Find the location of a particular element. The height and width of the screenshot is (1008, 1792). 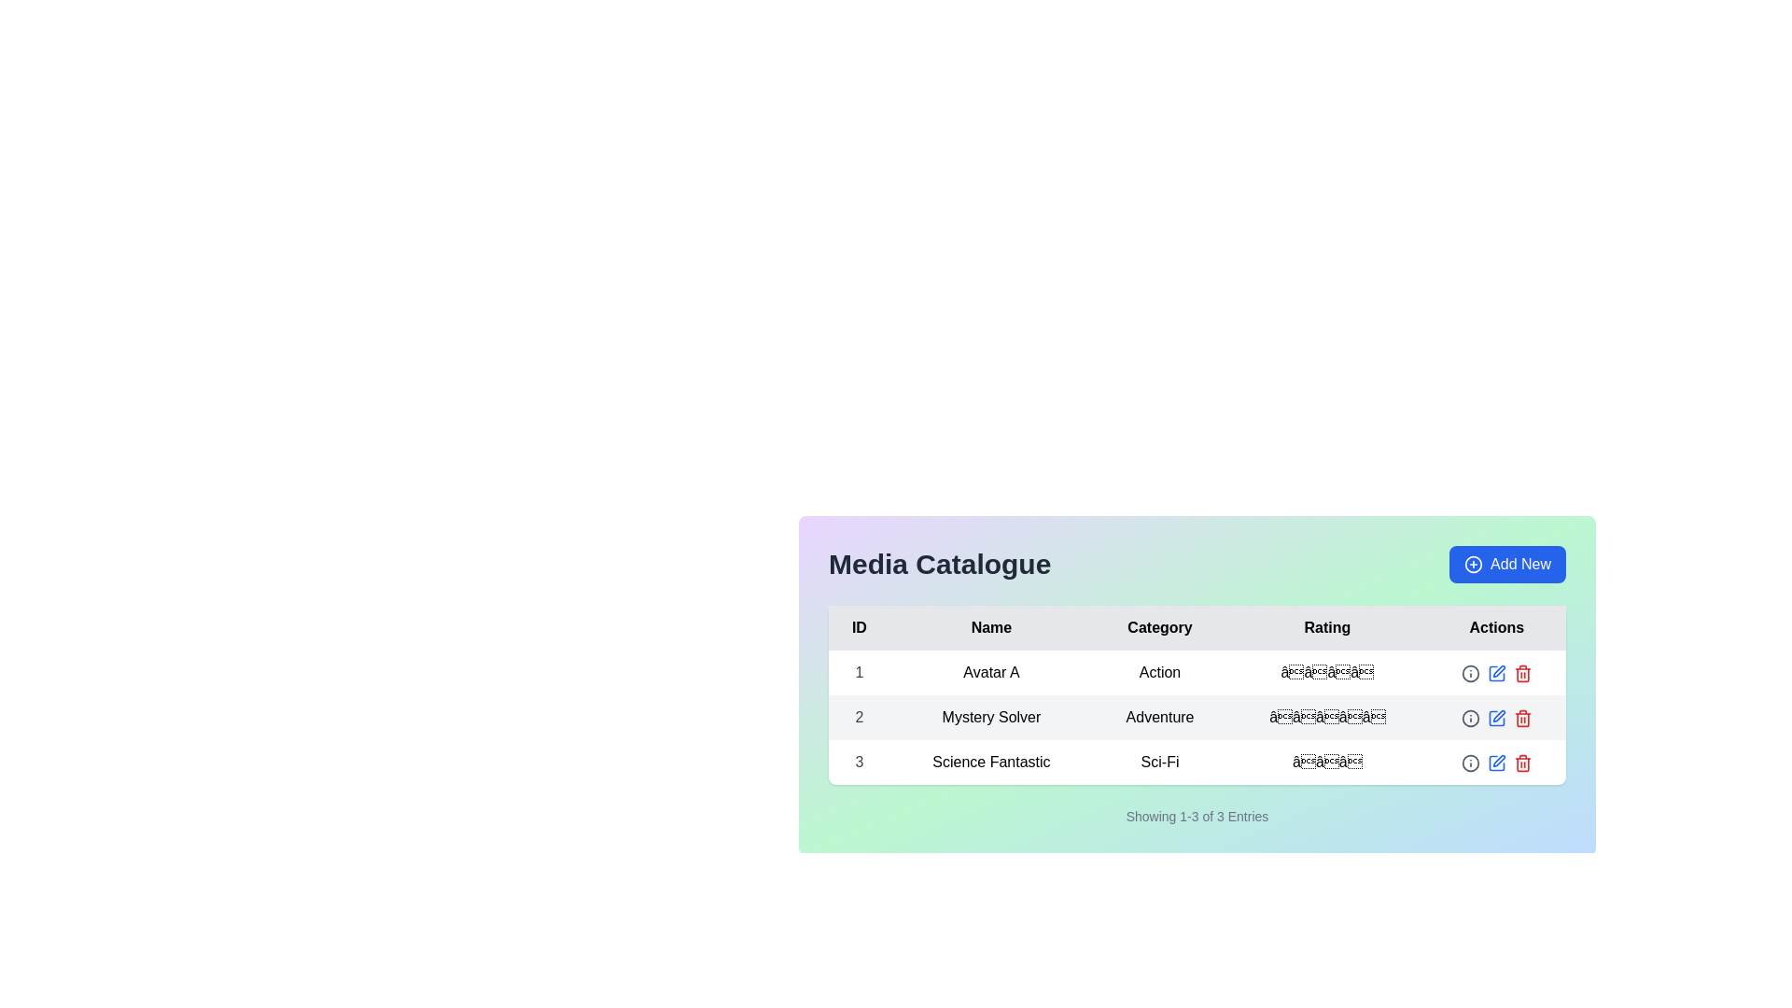

the edit button icon in the 'Actions' column of the third row for the 'Science Fantastic' entry is located at coordinates (1496, 717).